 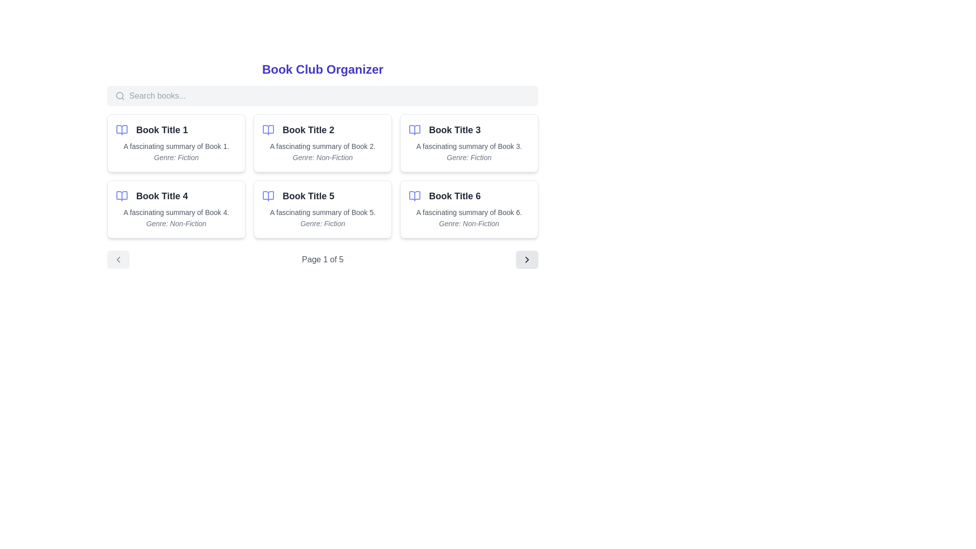 What do you see at coordinates (176, 223) in the screenshot?
I see `the text label indicating the genre of 'Book Title 4', which is positioned below the book's description and summary text` at bounding box center [176, 223].